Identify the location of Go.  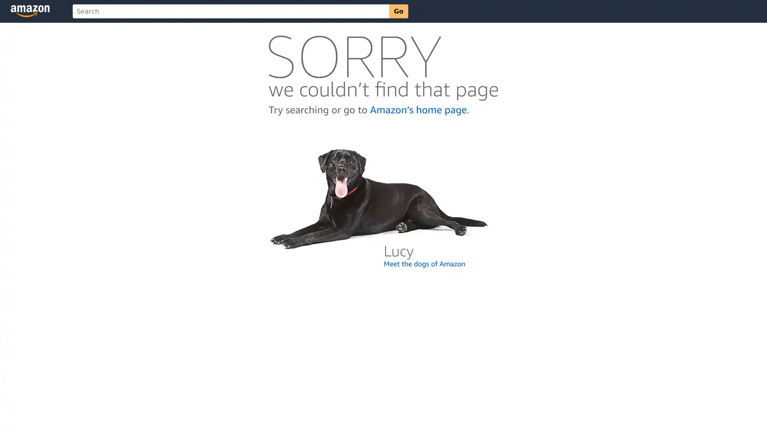
(399, 11).